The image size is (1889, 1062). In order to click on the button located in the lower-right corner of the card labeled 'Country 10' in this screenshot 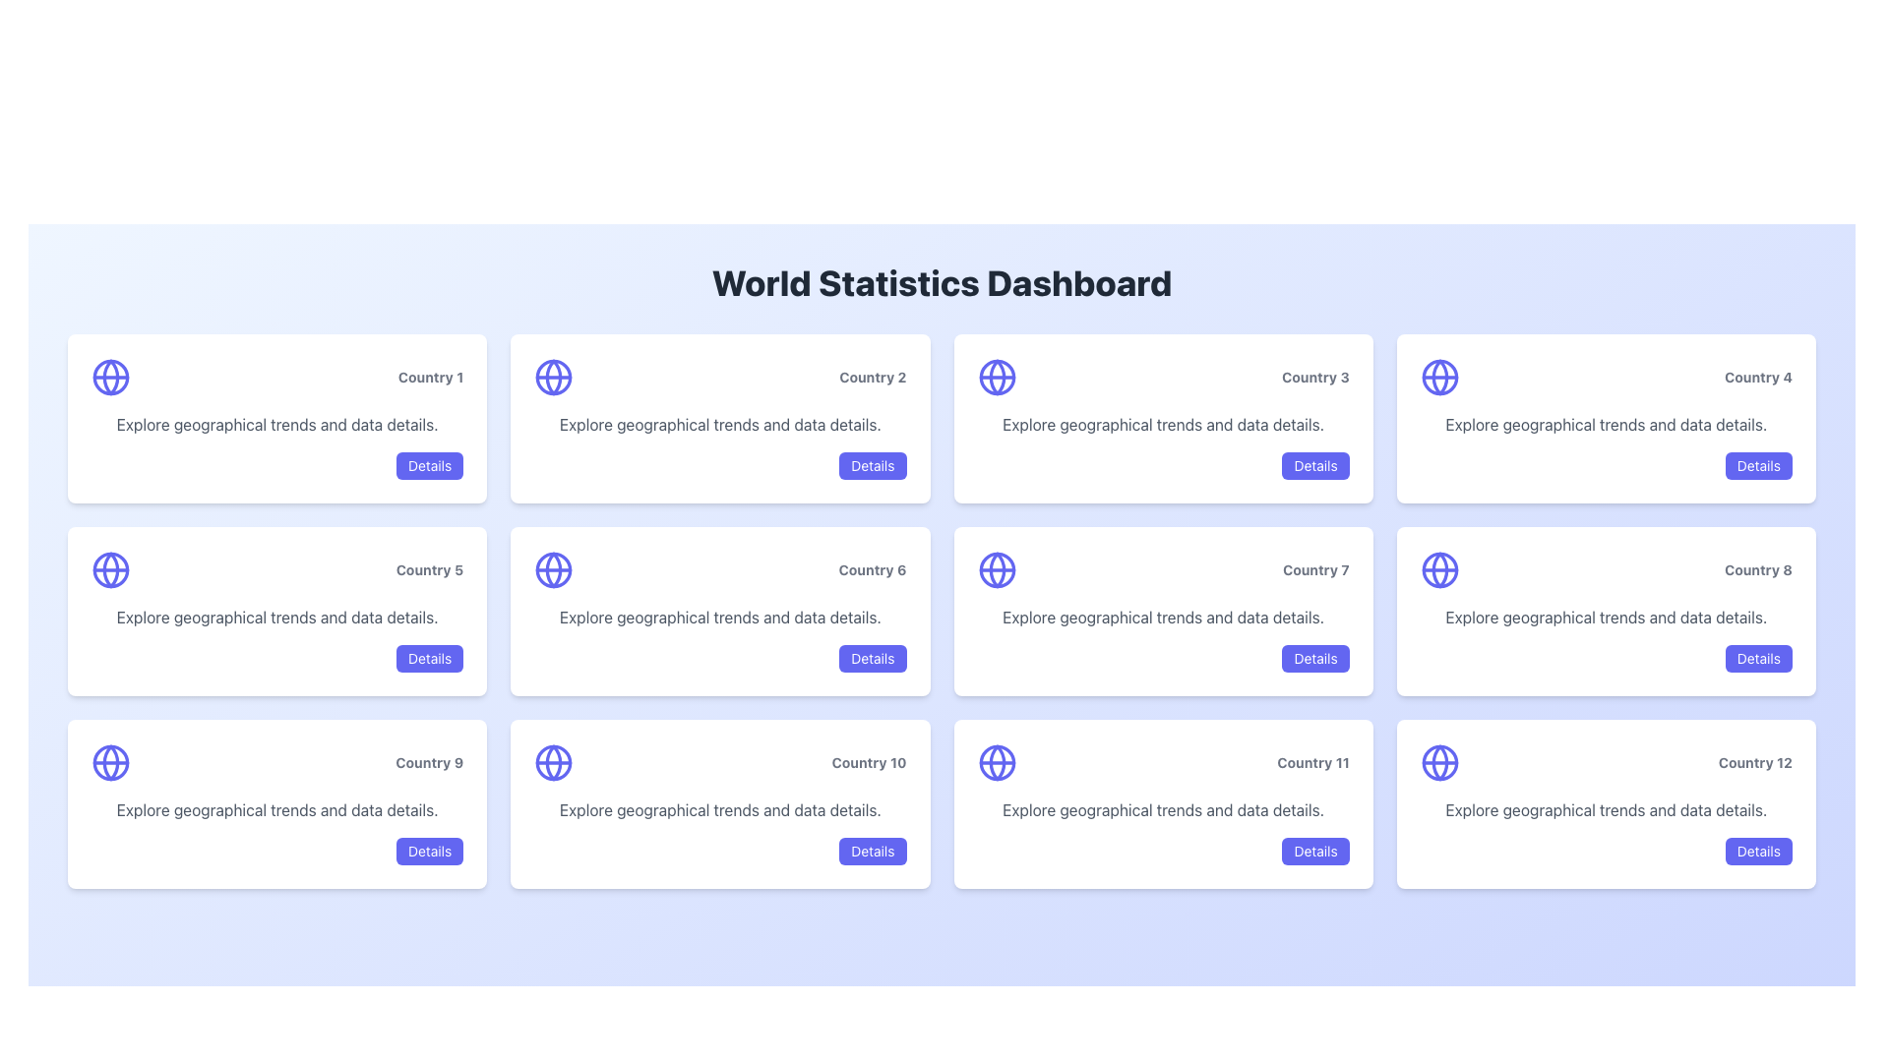, I will do `click(872, 851)`.